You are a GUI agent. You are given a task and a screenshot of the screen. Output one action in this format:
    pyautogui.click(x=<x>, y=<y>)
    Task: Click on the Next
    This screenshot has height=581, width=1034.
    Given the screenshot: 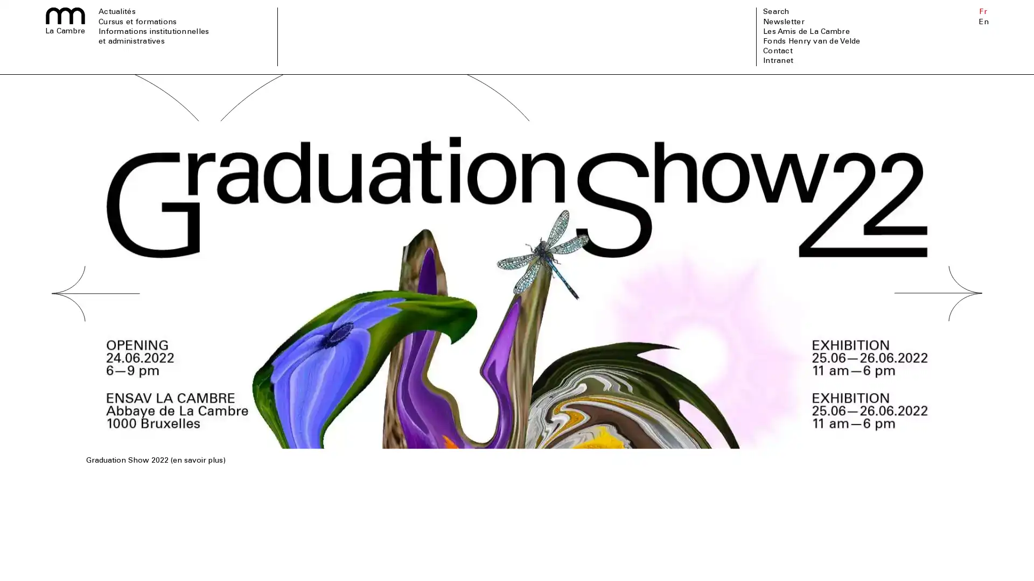 What is the action you would take?
    pyautogui.click(x=938, y=327)
    